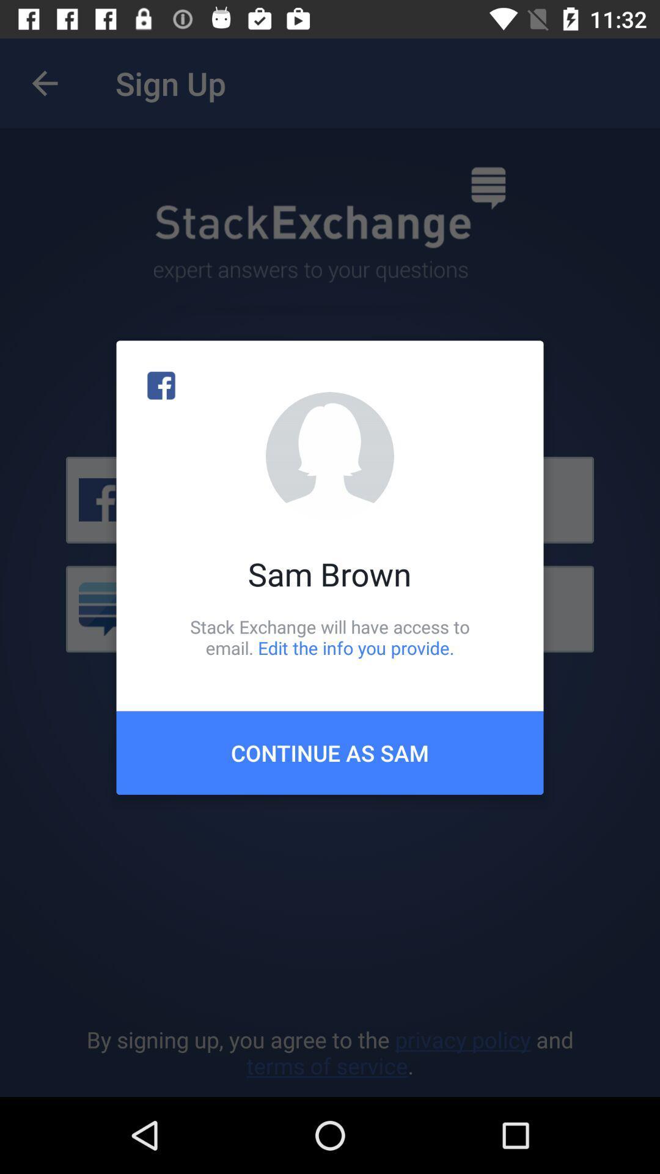 The image size is (660, 1174). I want to click on the item above continue as sam, so click(330, 637).